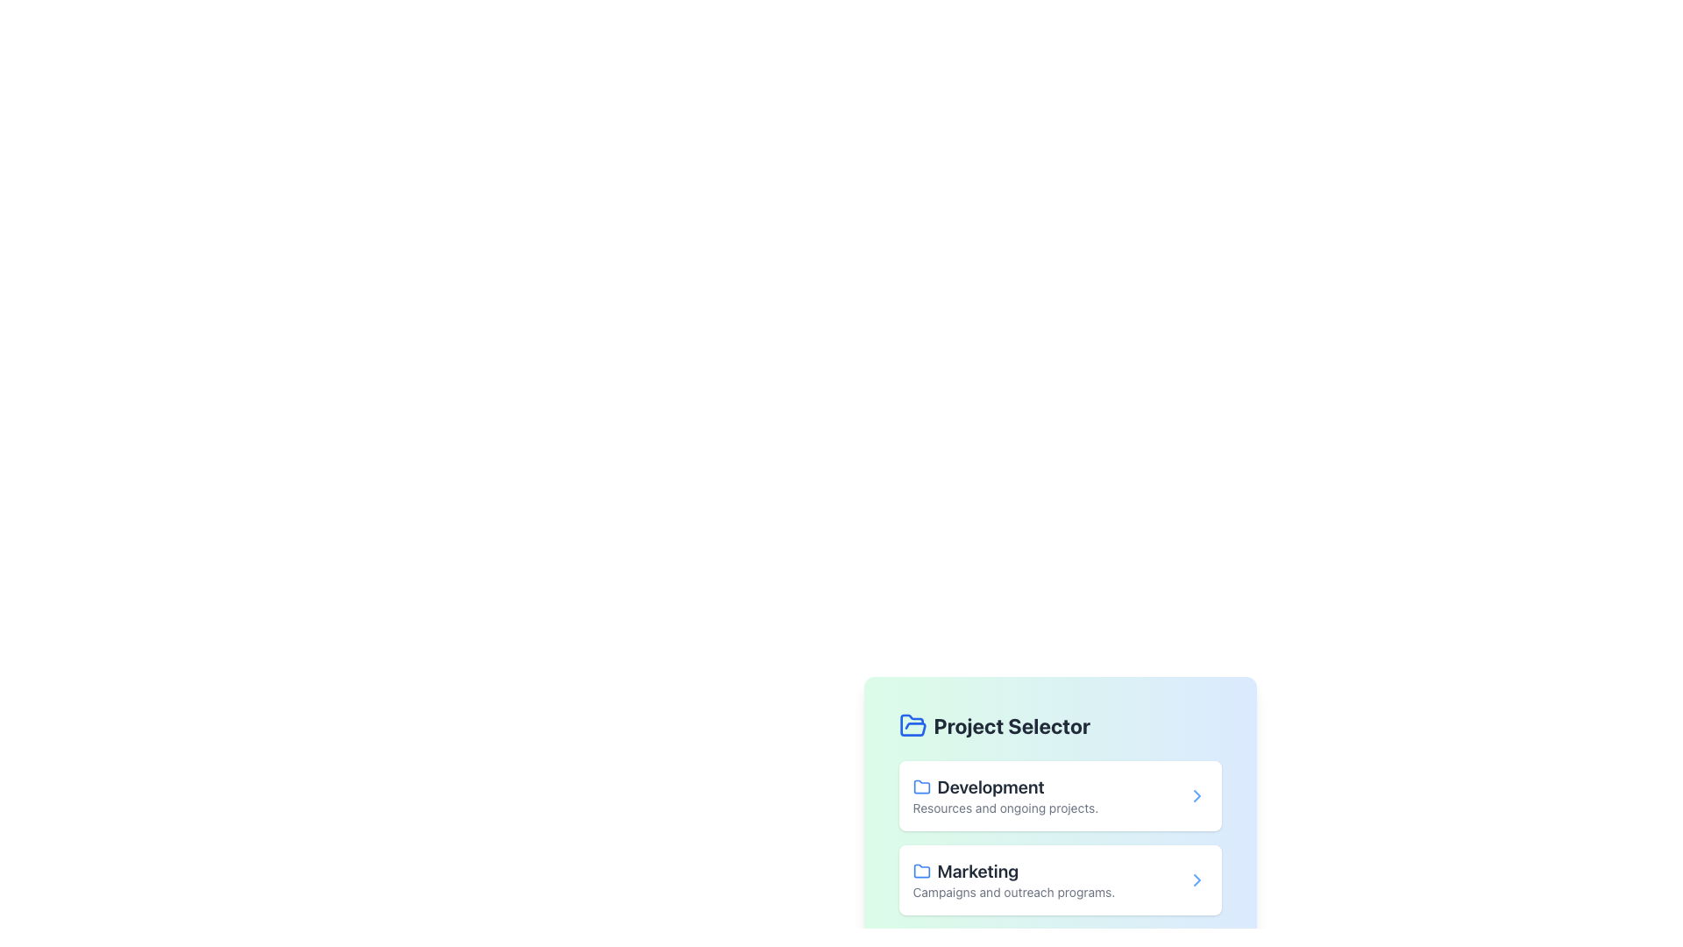 The height and width of the screenshot is (947, 1683). I want to click on the small blue folder icon located next to the text 'Development' in the UI interface as a static icon, so click(920, 787).